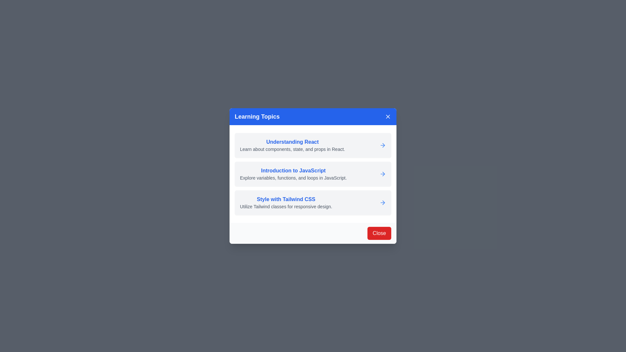 The width and height of the screenshot is (626, 352). What do you see at coordinates (293, 173) in the screenshot?
I see `the text block titled 'Introduction to JavaScript' which contains a headline and a description, positioned in the modal titled 'Learning Topics'` at bounding box center [293, 173].